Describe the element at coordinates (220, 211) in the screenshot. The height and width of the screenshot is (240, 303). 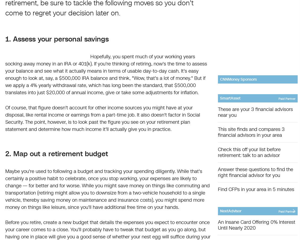
I see `'NextAdvisor'` at that location.